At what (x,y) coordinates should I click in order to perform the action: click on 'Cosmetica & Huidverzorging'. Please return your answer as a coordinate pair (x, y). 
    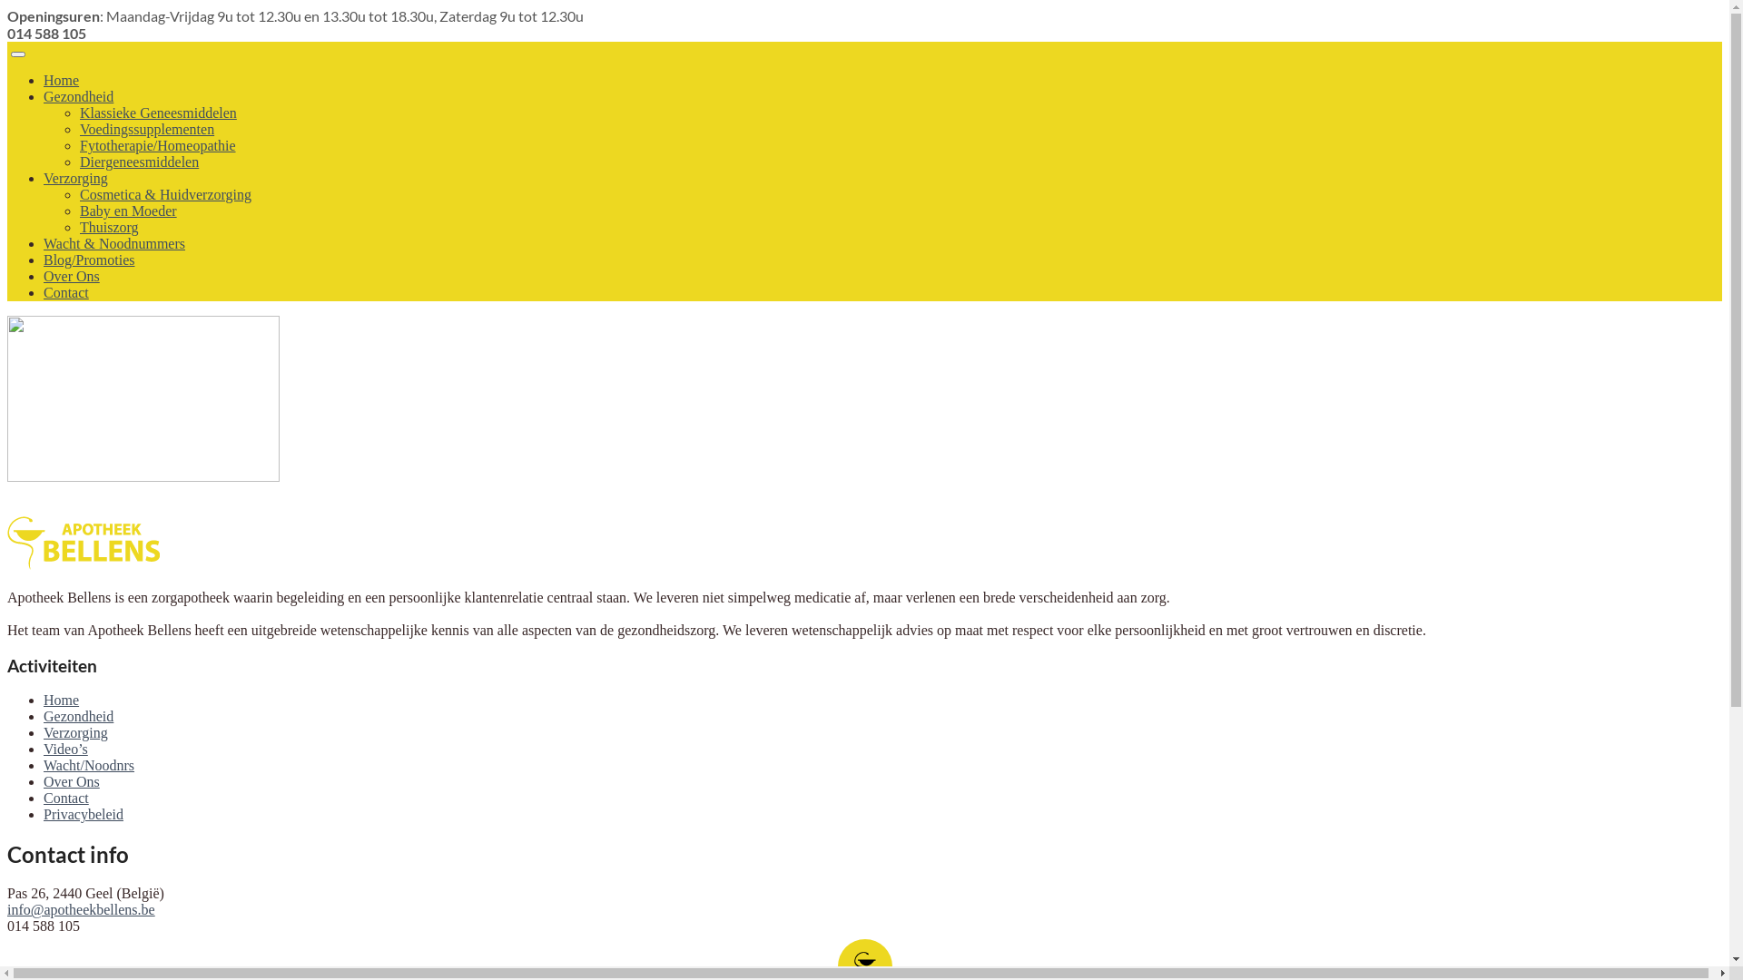
    Looking at the image, I should click on (165, 194).